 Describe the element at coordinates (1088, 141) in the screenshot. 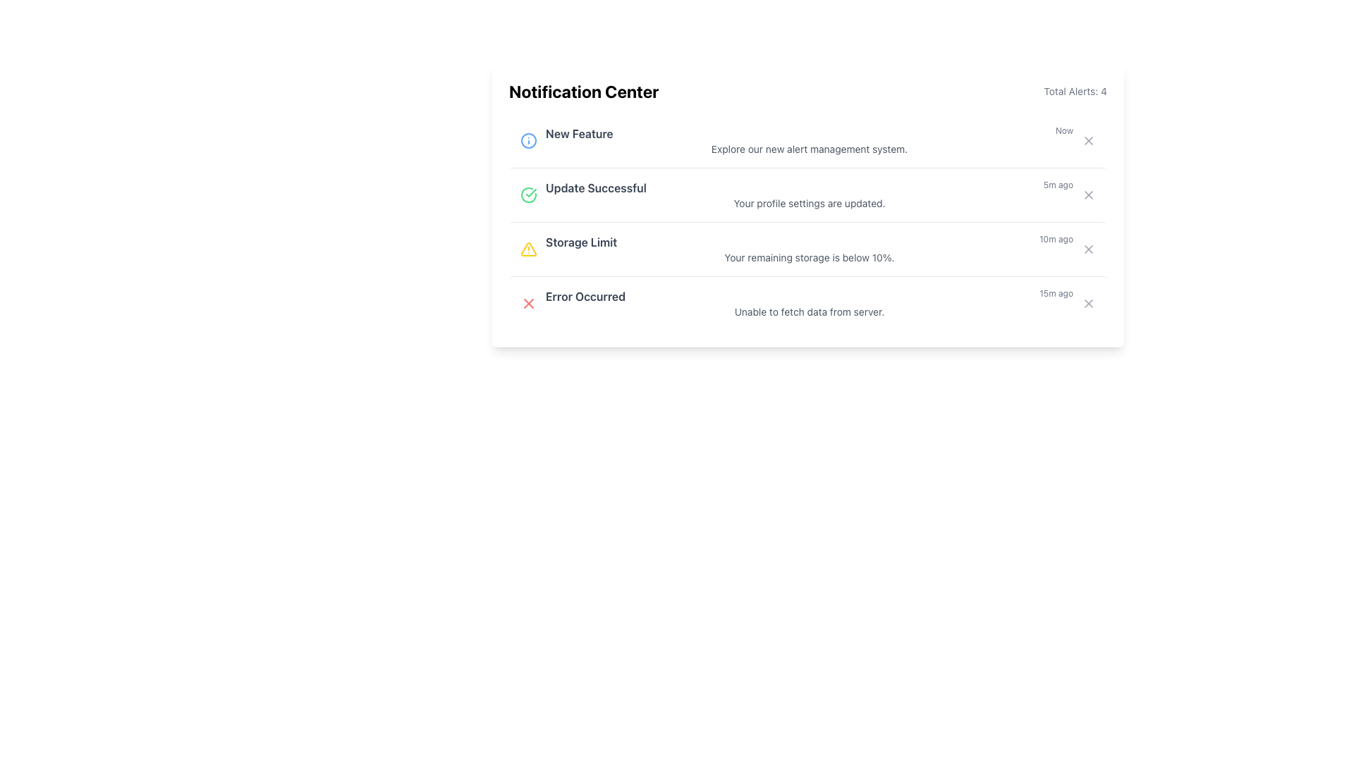

I see `the diagonal cross ('X') icon in the top-right corner of the alert notification interface, adjacent to the label 'Now'` at that location.